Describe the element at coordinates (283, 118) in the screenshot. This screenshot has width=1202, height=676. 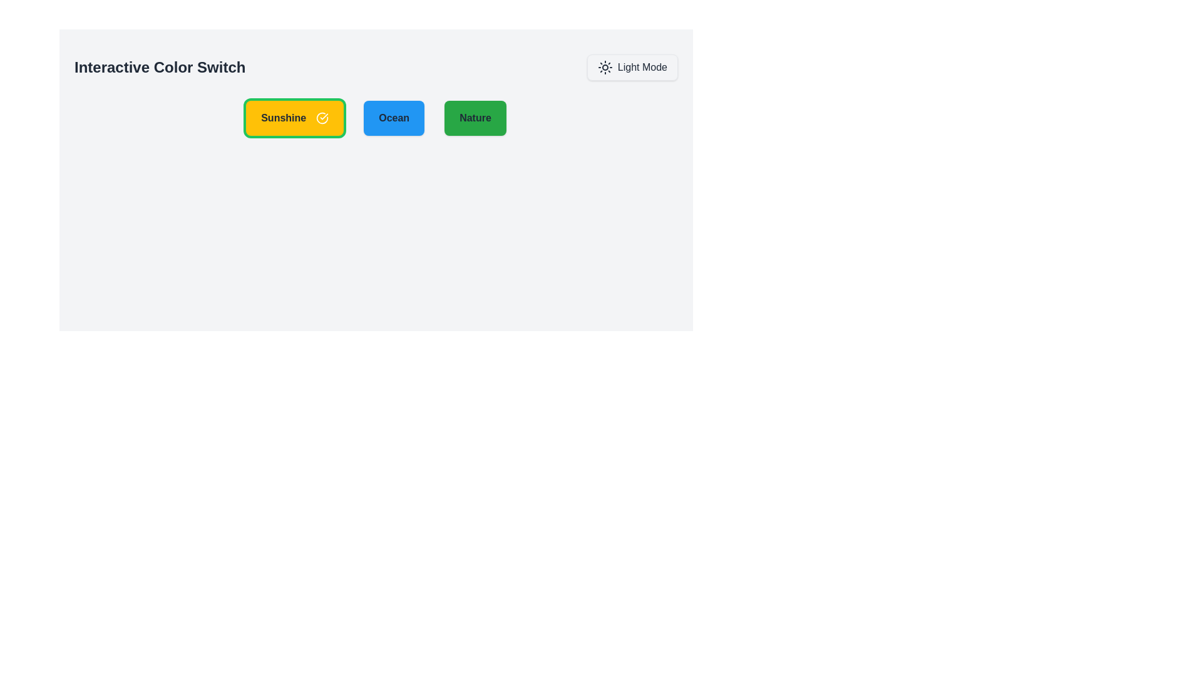
I see `the static text label indicating the current selection for the first button labeled 'Sunshine' in a horizontal list of buttons` at that location.